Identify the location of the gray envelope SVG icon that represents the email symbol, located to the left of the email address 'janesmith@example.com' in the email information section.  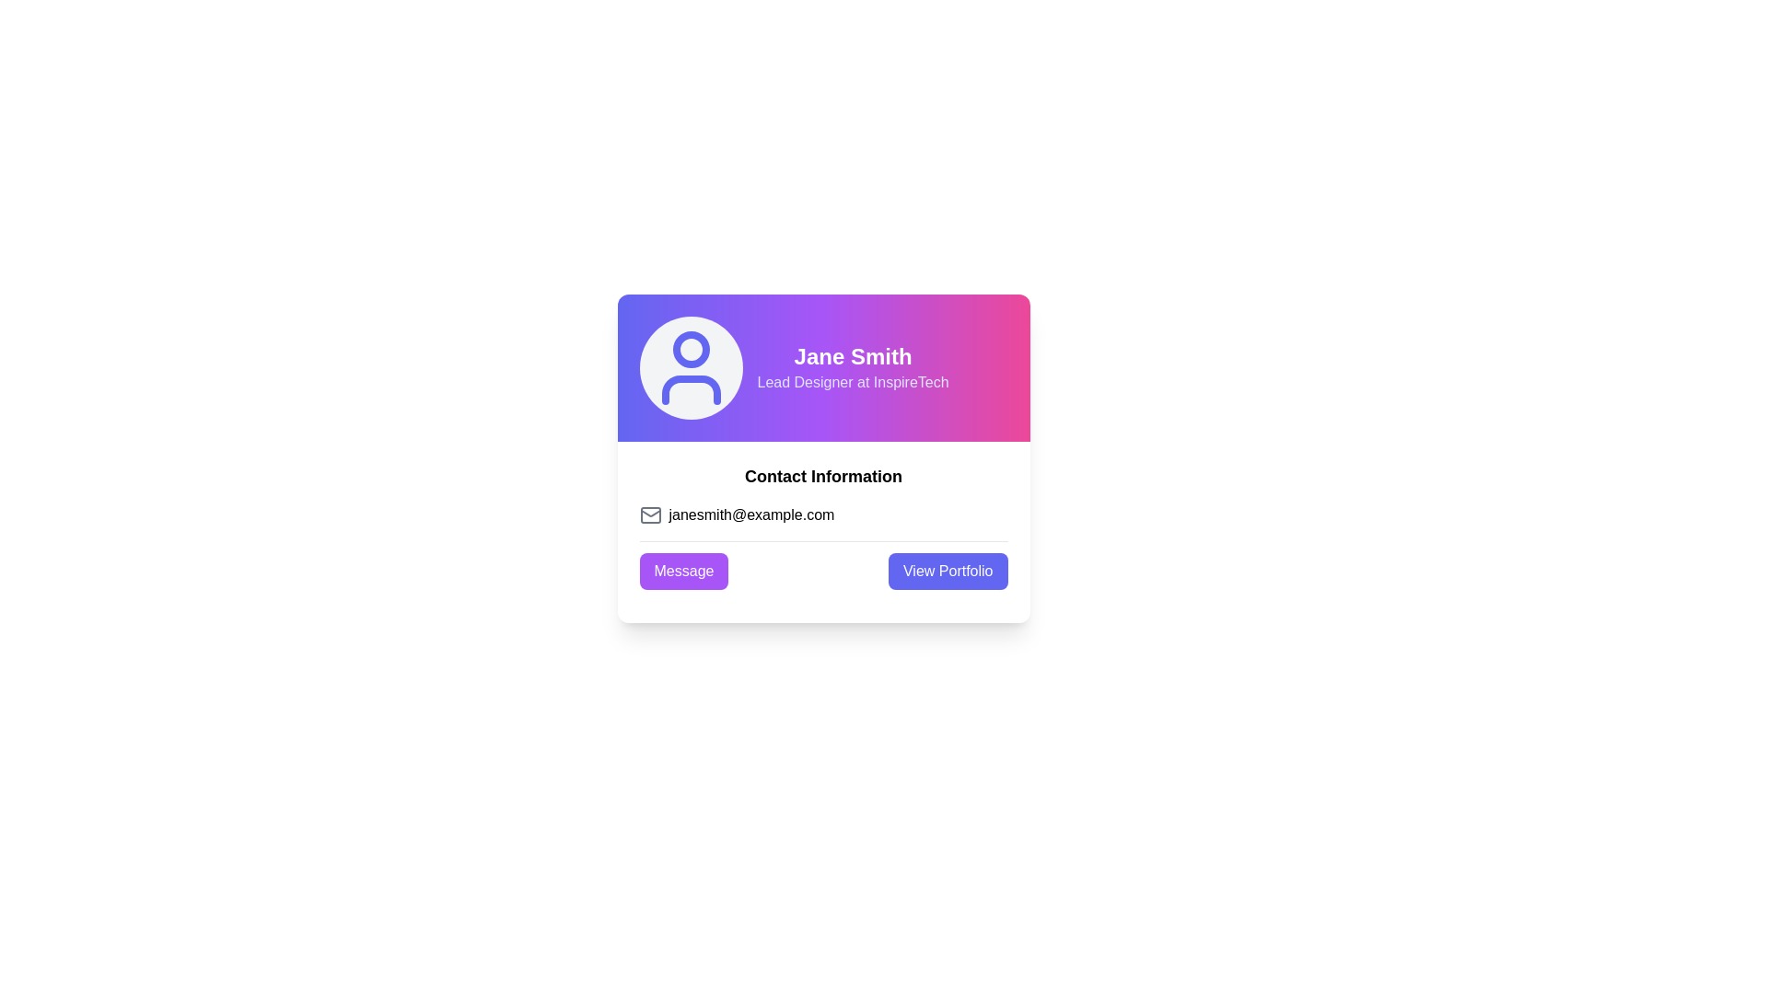
(650, 514).